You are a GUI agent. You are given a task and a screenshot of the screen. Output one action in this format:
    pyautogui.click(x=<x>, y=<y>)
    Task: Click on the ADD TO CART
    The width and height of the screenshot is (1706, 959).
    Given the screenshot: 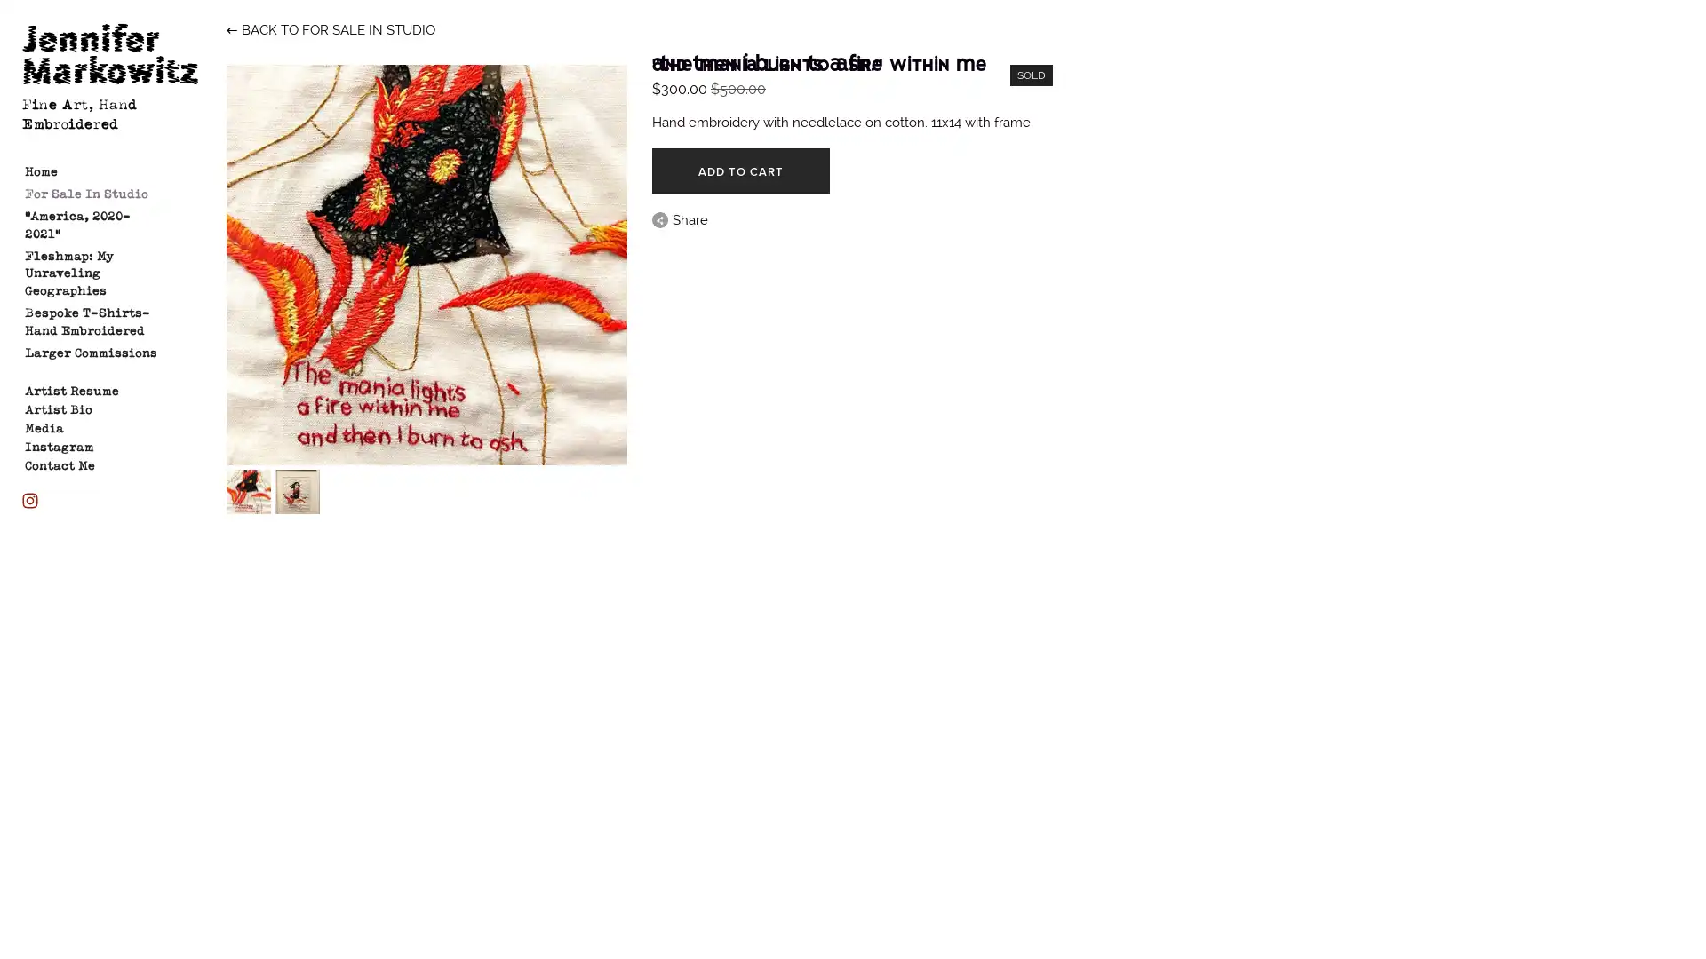 What is the action you would take?
    pyautogui.click(x=740, y=170)
    